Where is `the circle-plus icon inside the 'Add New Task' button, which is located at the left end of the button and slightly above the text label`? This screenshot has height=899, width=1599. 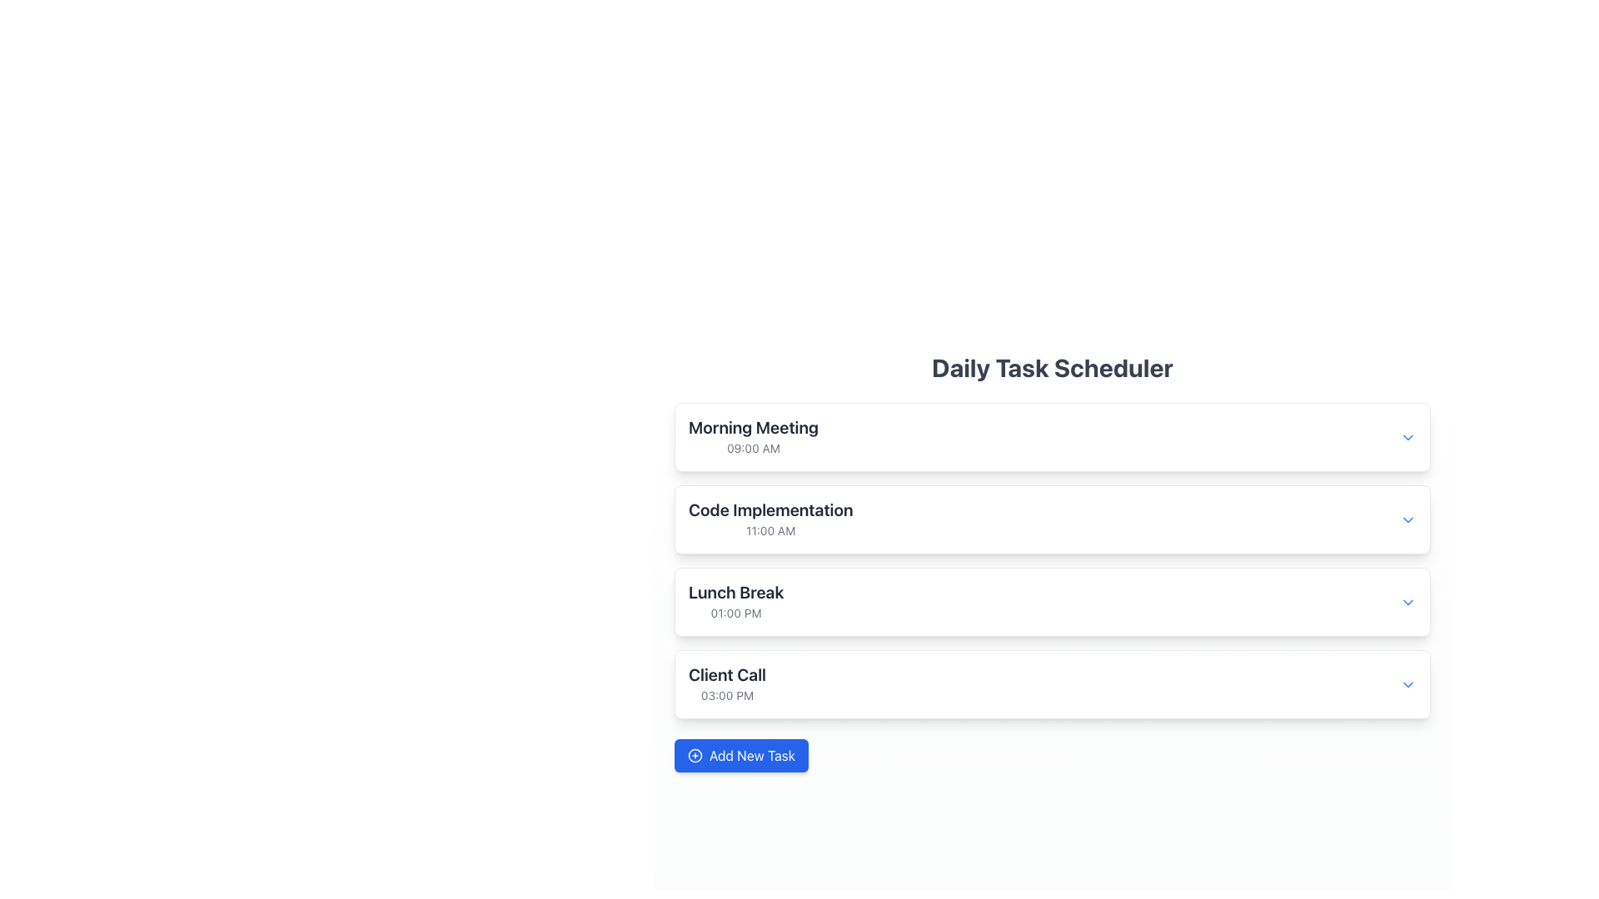 the circle-plus icon inside the 'Add New Task' button, which is located at the left end of the button and slightly above the text label is located at coordinates (695, 755).